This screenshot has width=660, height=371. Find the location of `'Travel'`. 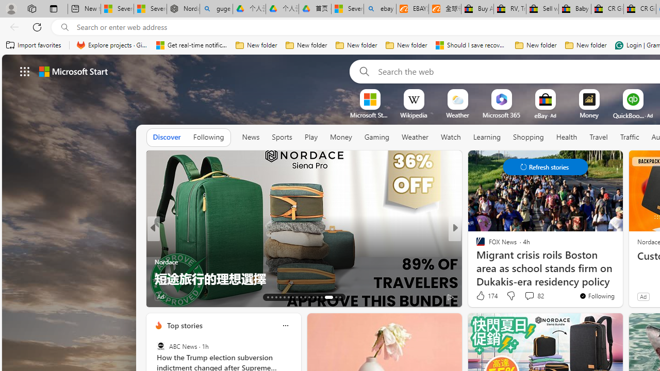

'Travel' is located at coordinates (598, 137).